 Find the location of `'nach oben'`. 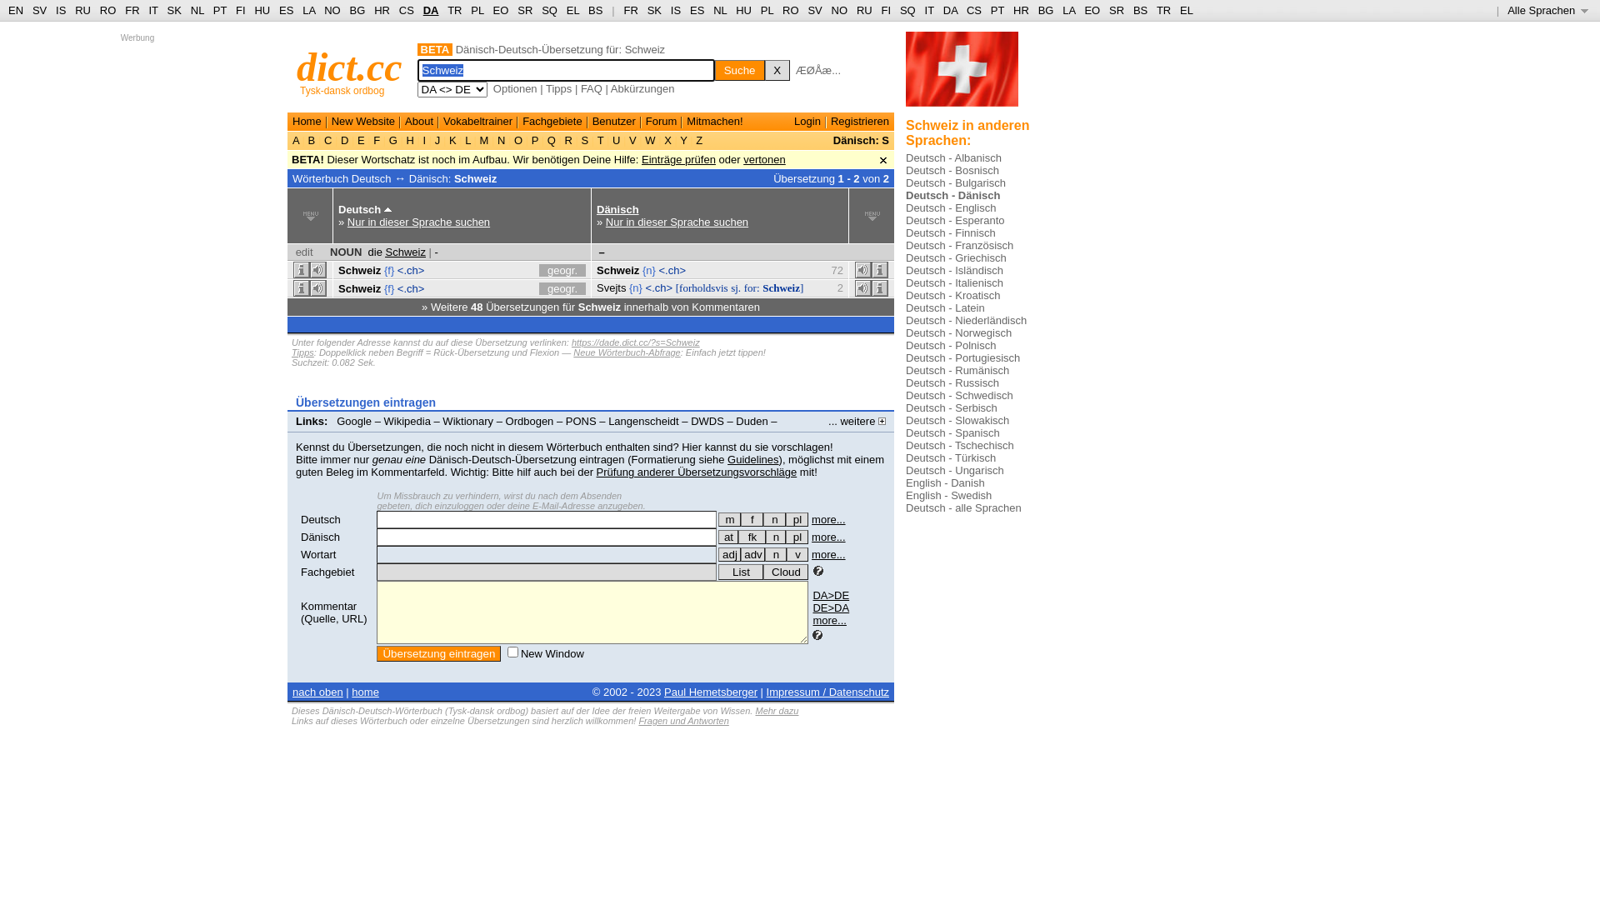

'nach oben' is located at coordinates (292, 692).